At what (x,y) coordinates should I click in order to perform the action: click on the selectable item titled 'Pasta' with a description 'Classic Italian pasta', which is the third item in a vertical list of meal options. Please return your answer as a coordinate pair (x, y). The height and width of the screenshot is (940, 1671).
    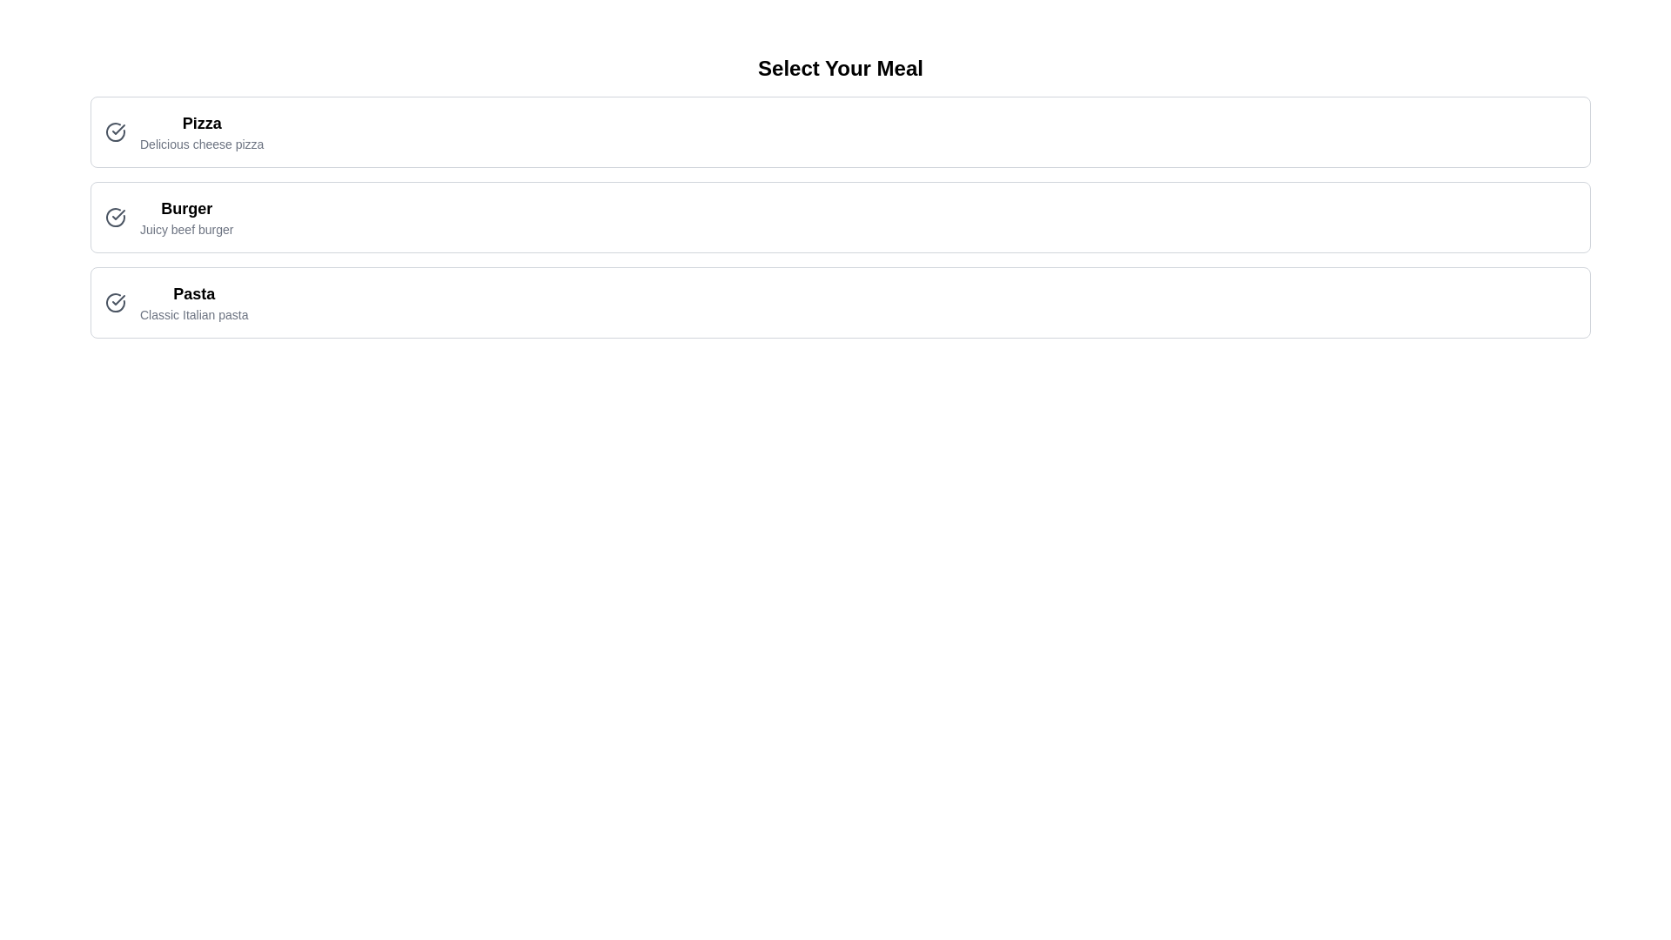
    Looking at the image, I should click on (176, 301).